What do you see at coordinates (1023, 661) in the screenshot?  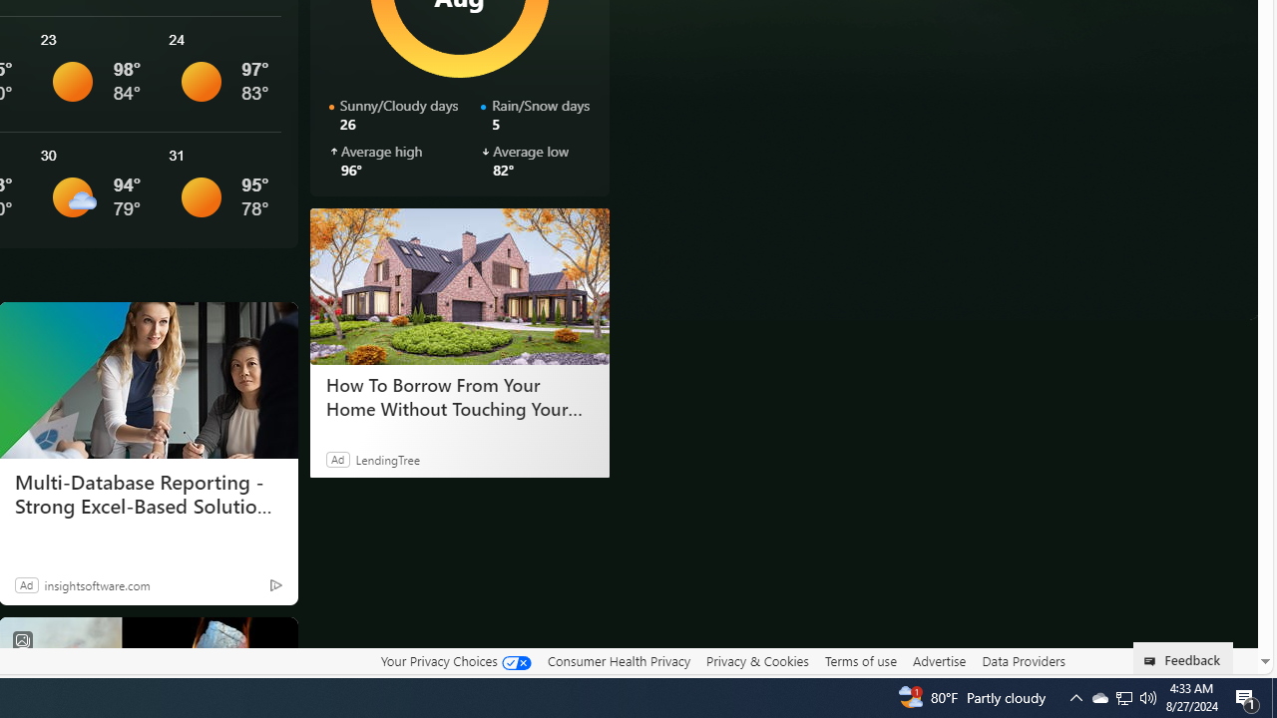 I see `'Data Providers'` at bounding box center [1023, 661].